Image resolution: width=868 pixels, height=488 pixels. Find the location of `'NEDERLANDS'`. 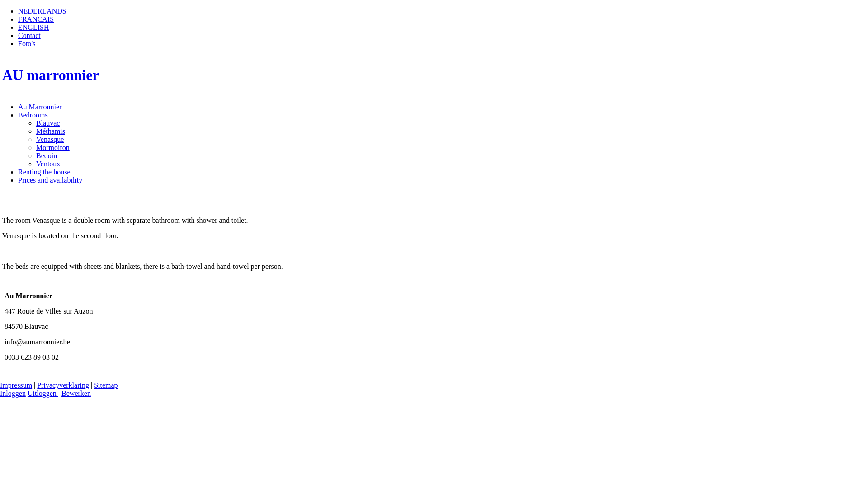

'NEDERLANDS' is located at coordinates (42, 11).